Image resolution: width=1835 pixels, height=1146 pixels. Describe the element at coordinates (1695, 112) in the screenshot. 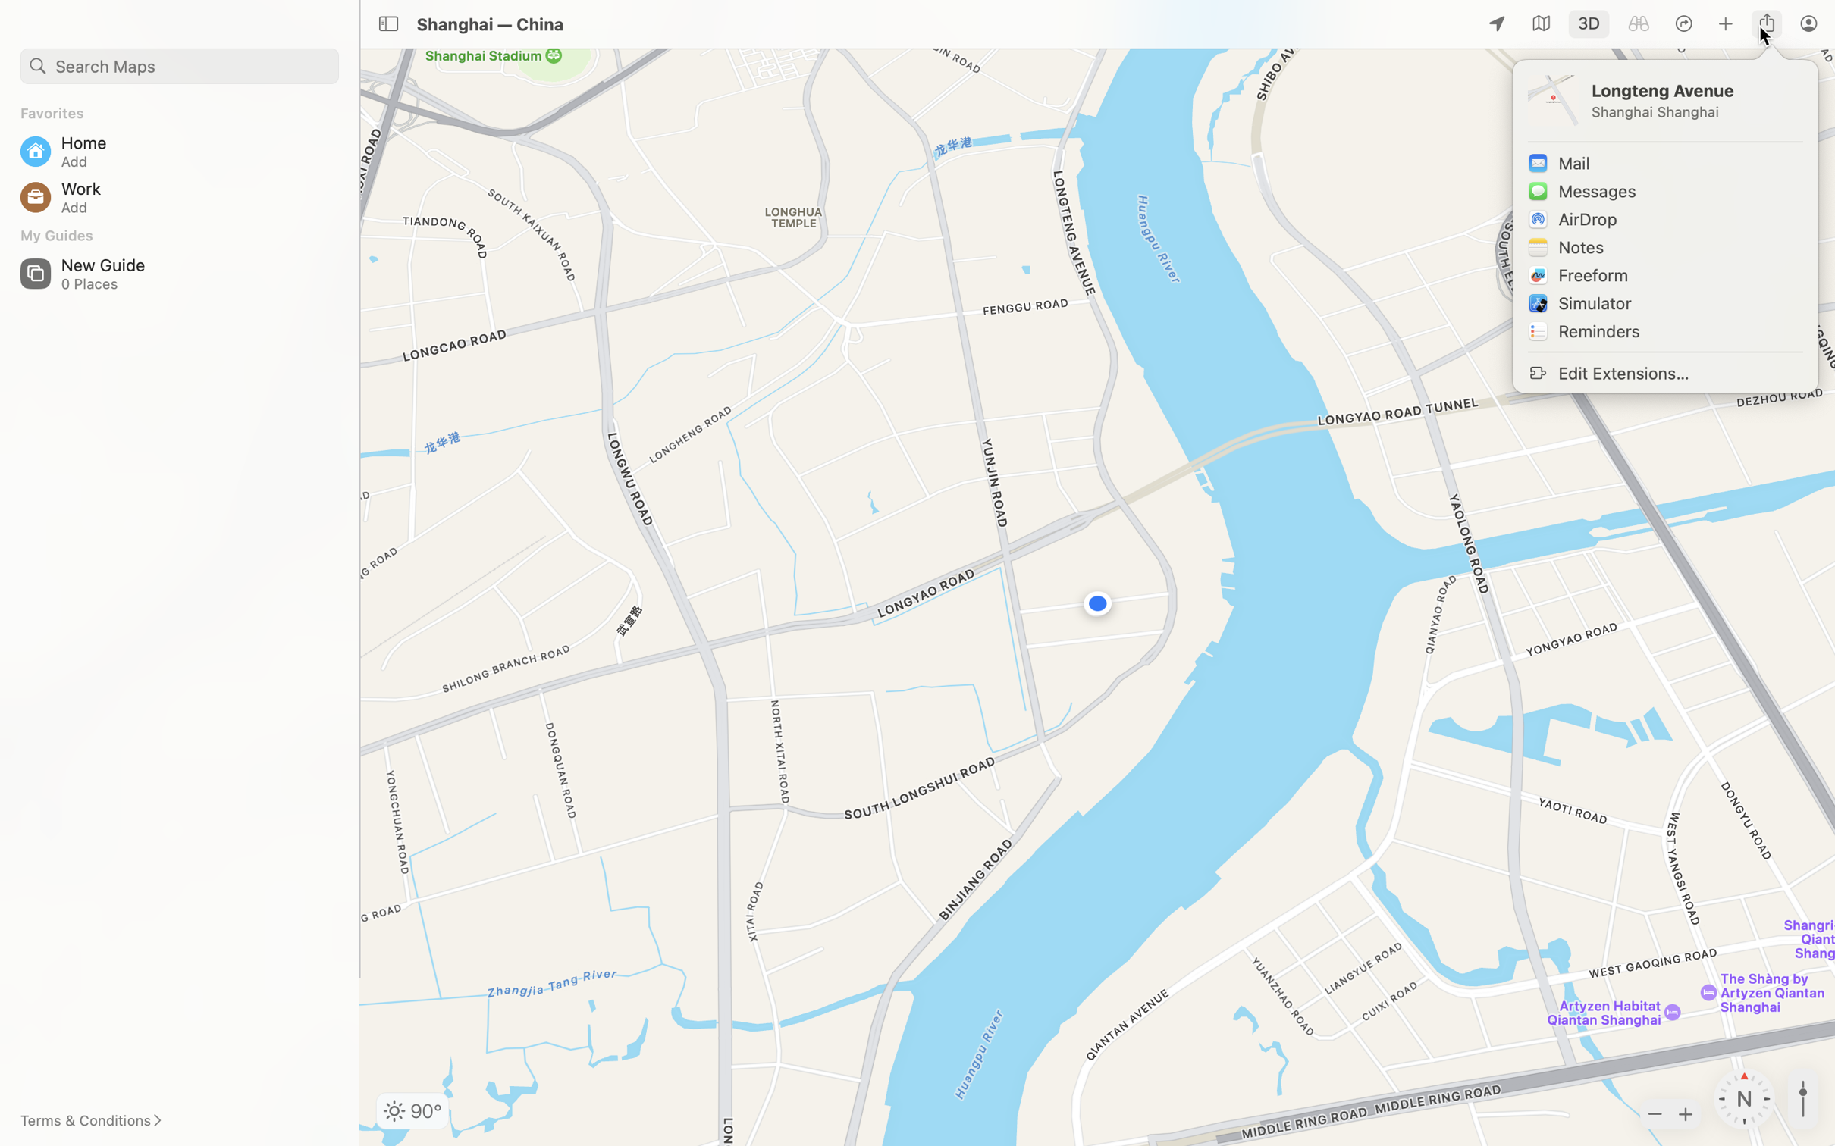

I see `'Shanghai Shanghai'` at that location.